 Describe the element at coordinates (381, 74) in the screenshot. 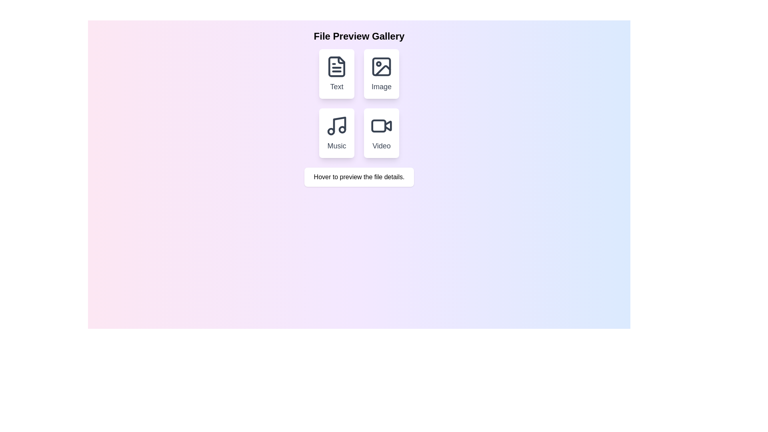

I see `the card in the top-right corner of the grid that represents image-related features` at that location.